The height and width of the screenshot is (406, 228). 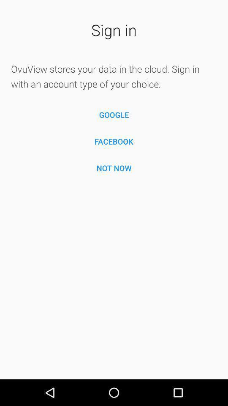 What do you see at coordinates (114, 114) in the screenshot?
I see `the google` at bounding box center [114, 114].